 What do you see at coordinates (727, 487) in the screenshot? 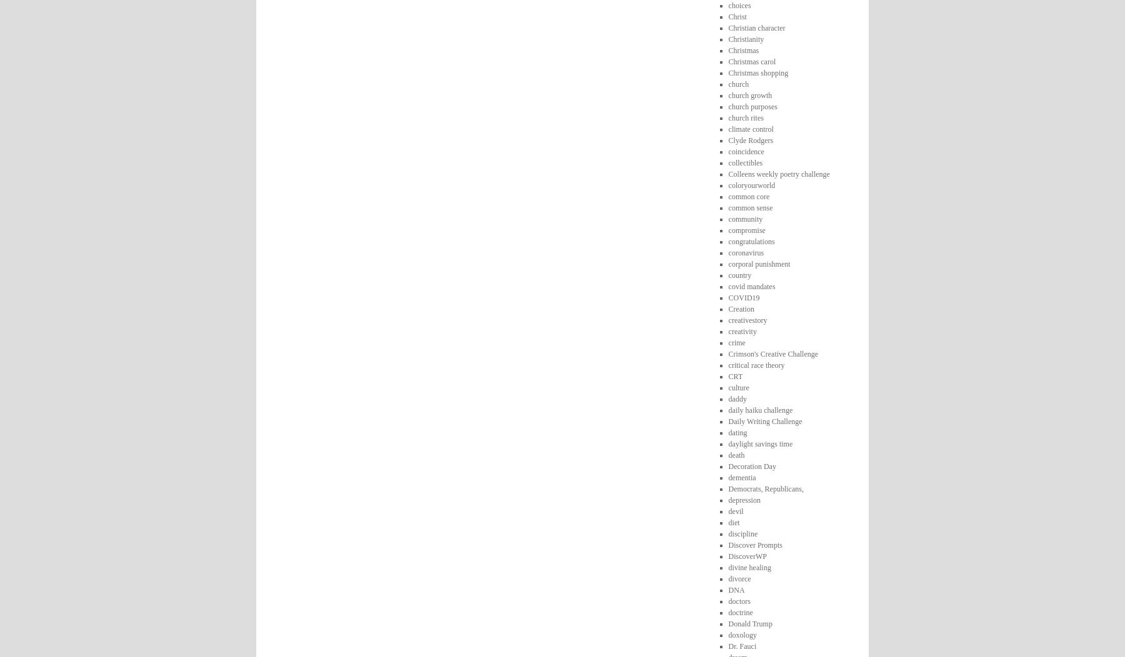
I see `'Democrats, Republicans,'` at bounding box center [727, 487].